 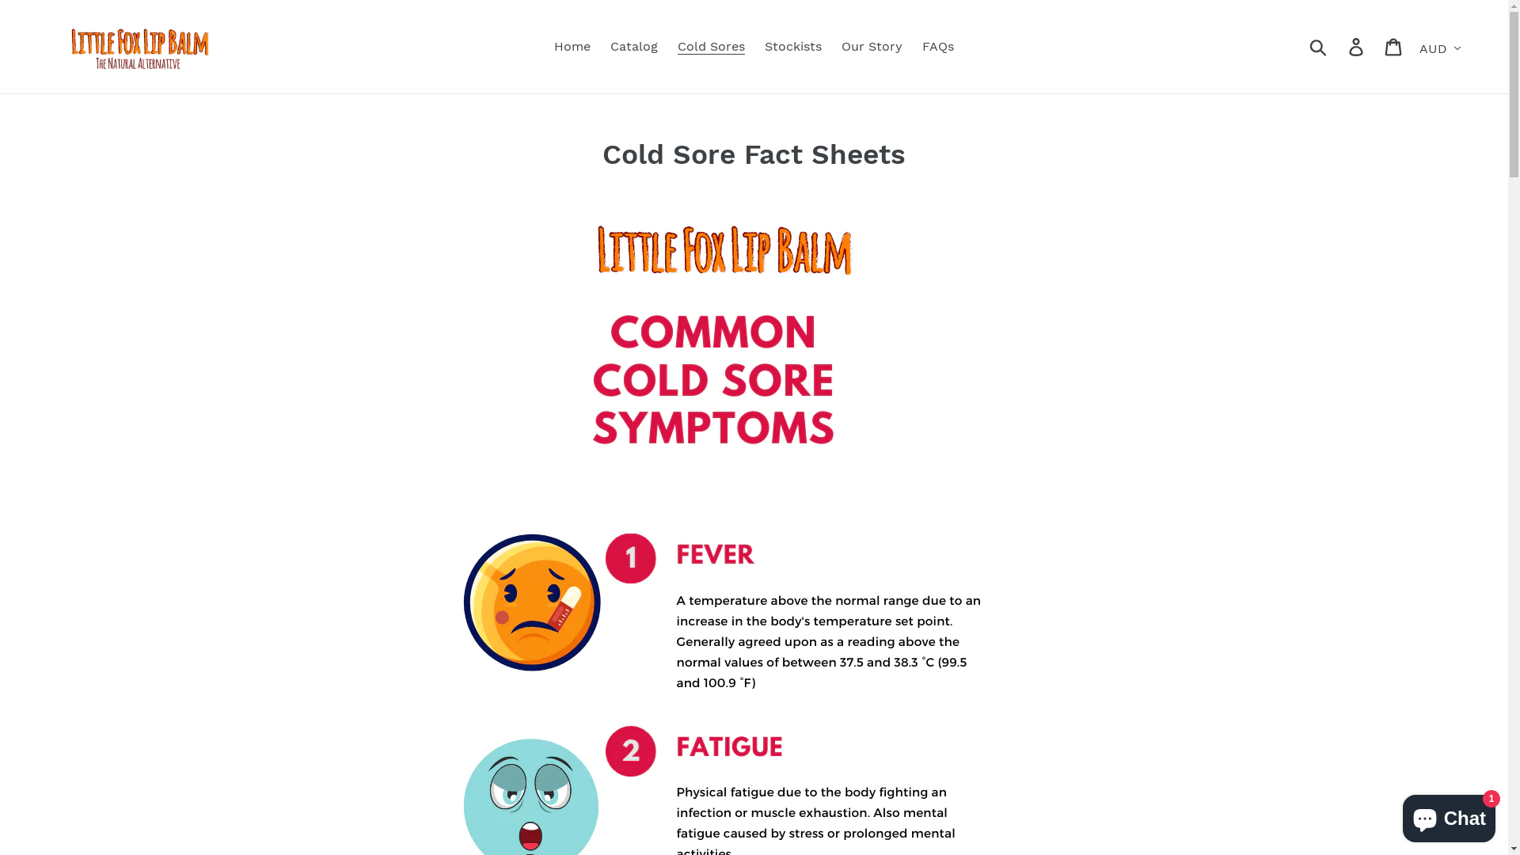 I want to click on 'FAQs', so click(x=914, y=45).